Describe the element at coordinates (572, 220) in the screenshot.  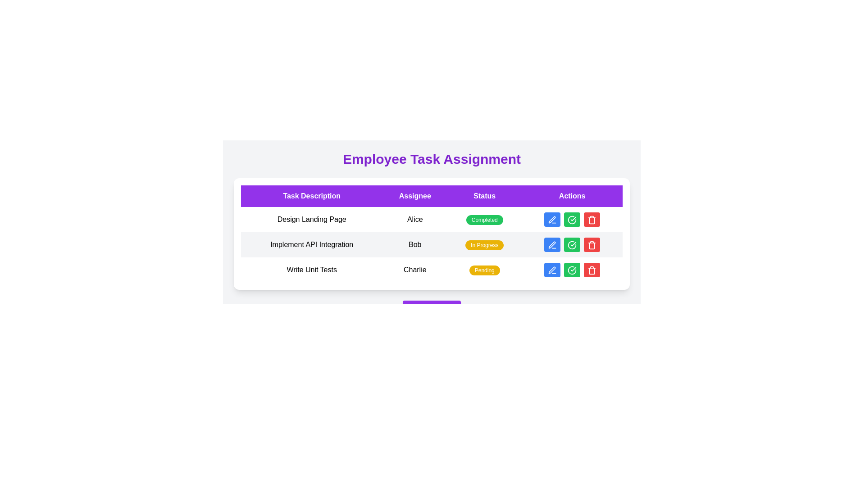
I see `the blue button in the 'Actions' column of the first row` at that location.